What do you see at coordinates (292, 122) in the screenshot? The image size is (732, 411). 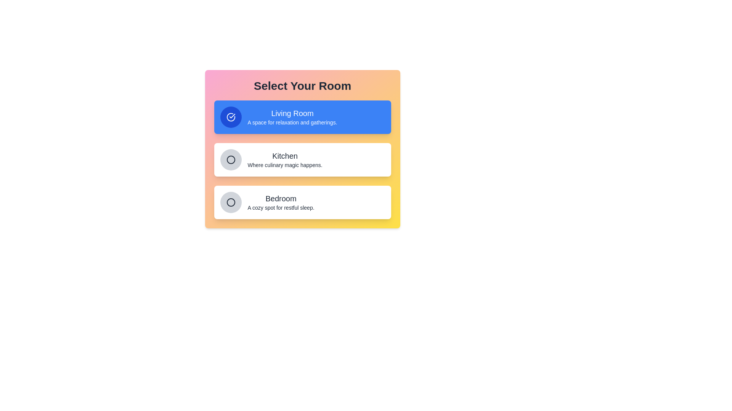 I see `the text label reading 'A space for relaxation and gatherings.' which is located directly below the 'Living Room' title in the 'Select Your Room' interface panel` at bounding box center [292, 122].